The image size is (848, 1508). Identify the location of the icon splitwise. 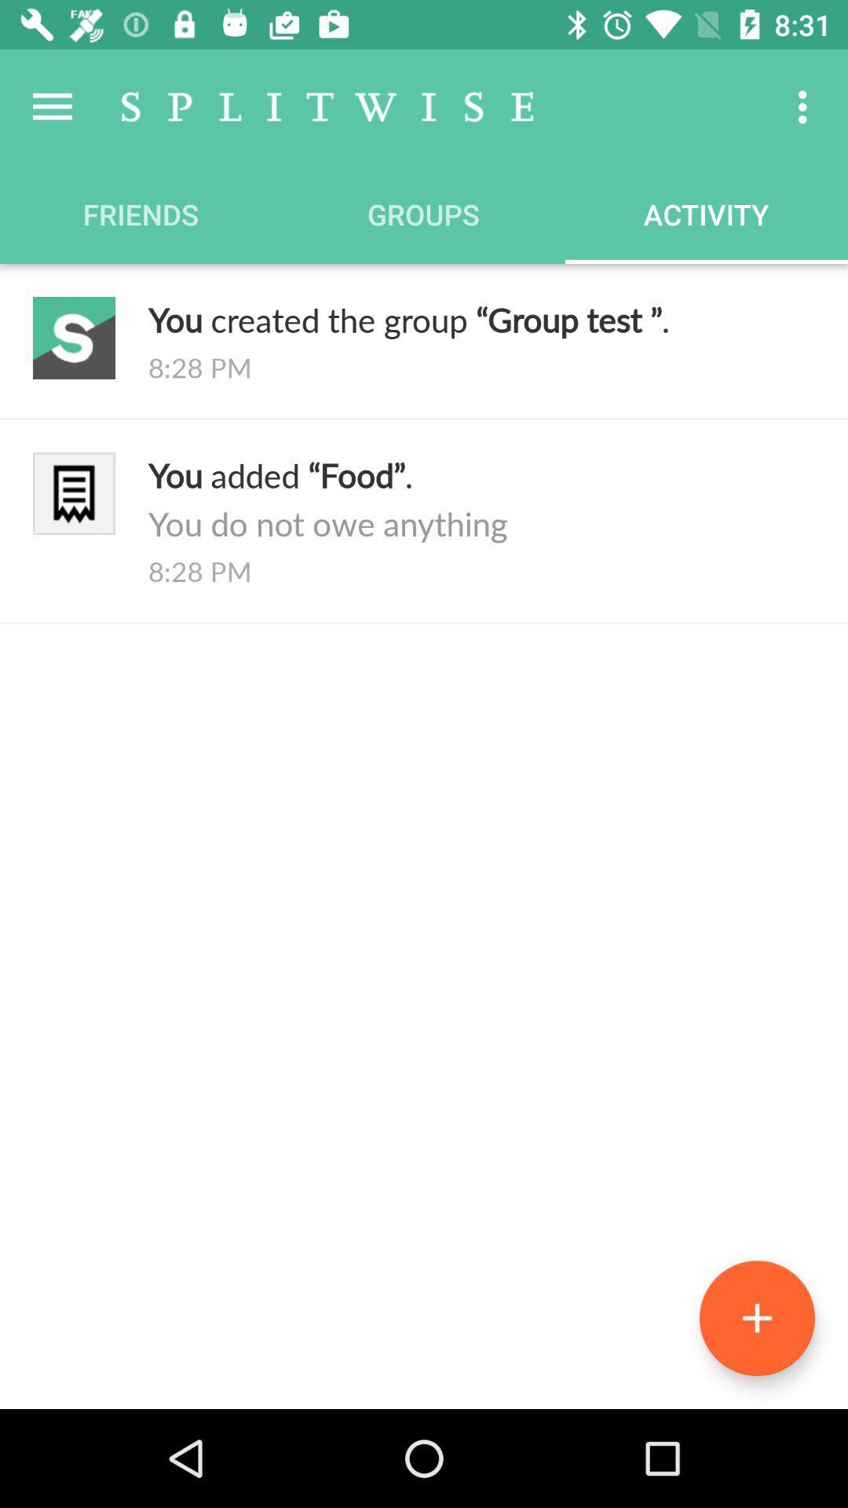
(327, 105).